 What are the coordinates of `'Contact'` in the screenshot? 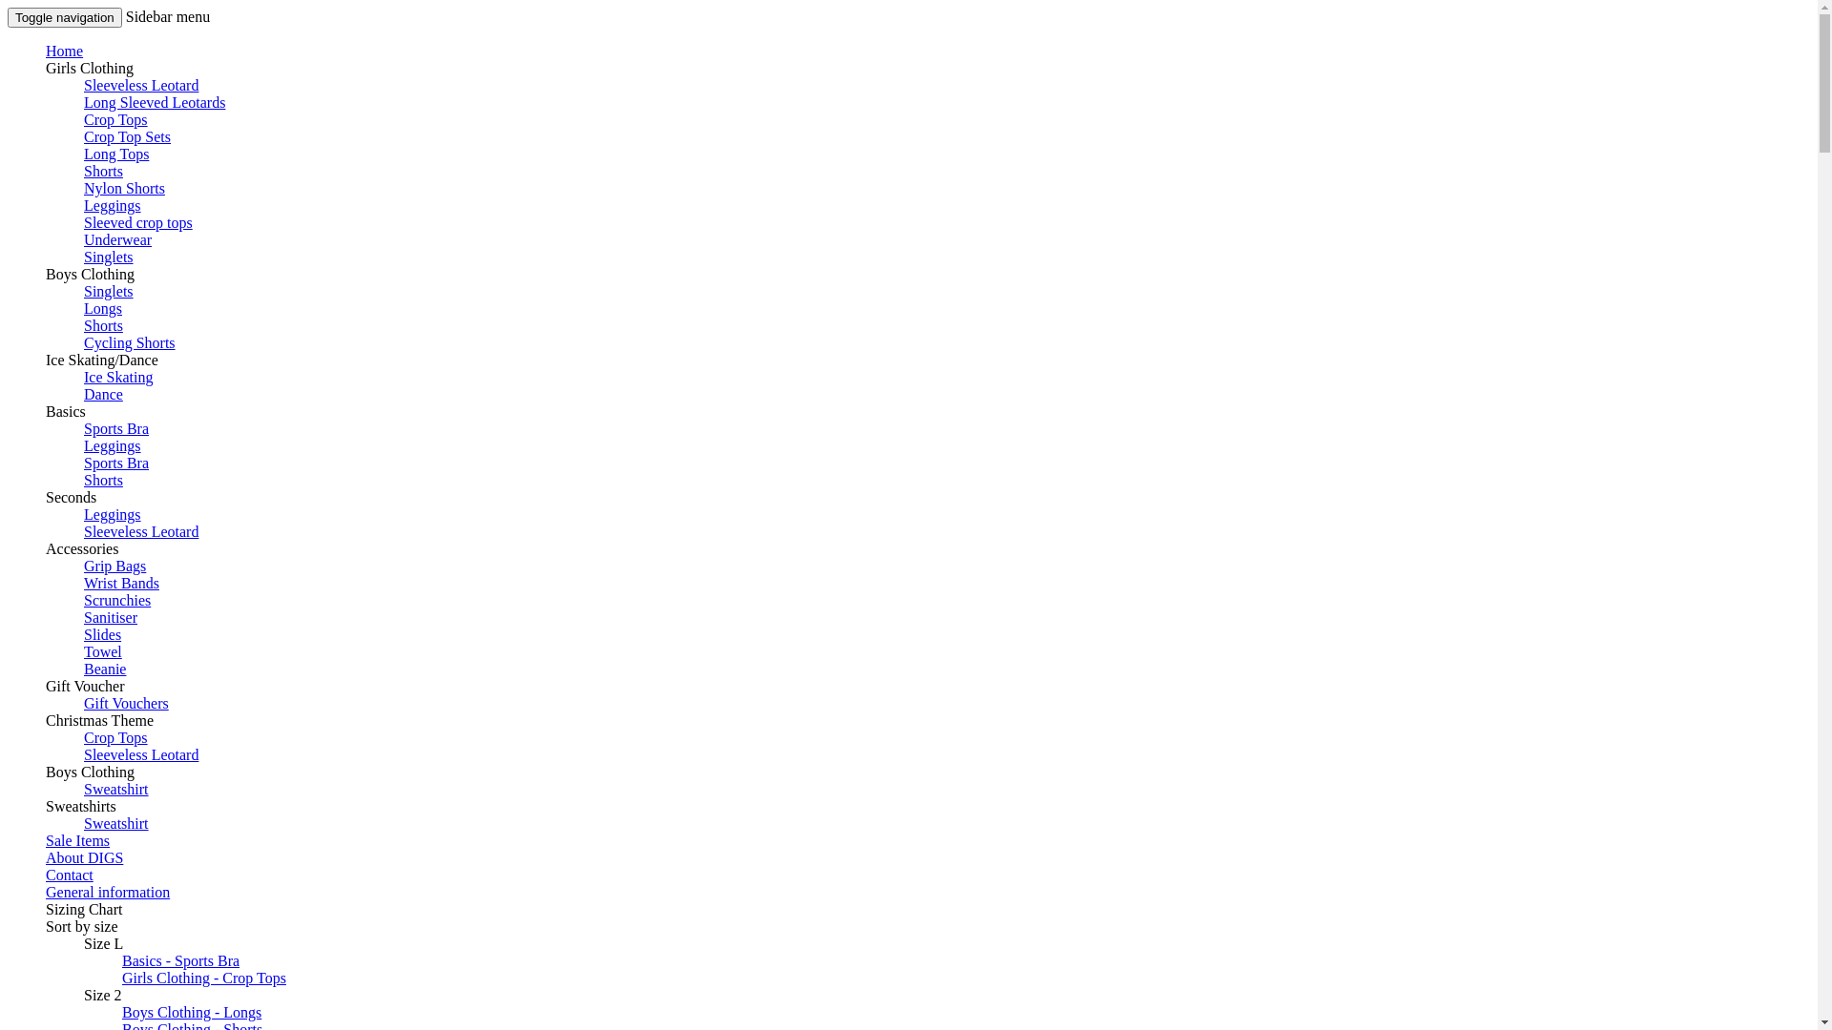 It's located at (69, 875).